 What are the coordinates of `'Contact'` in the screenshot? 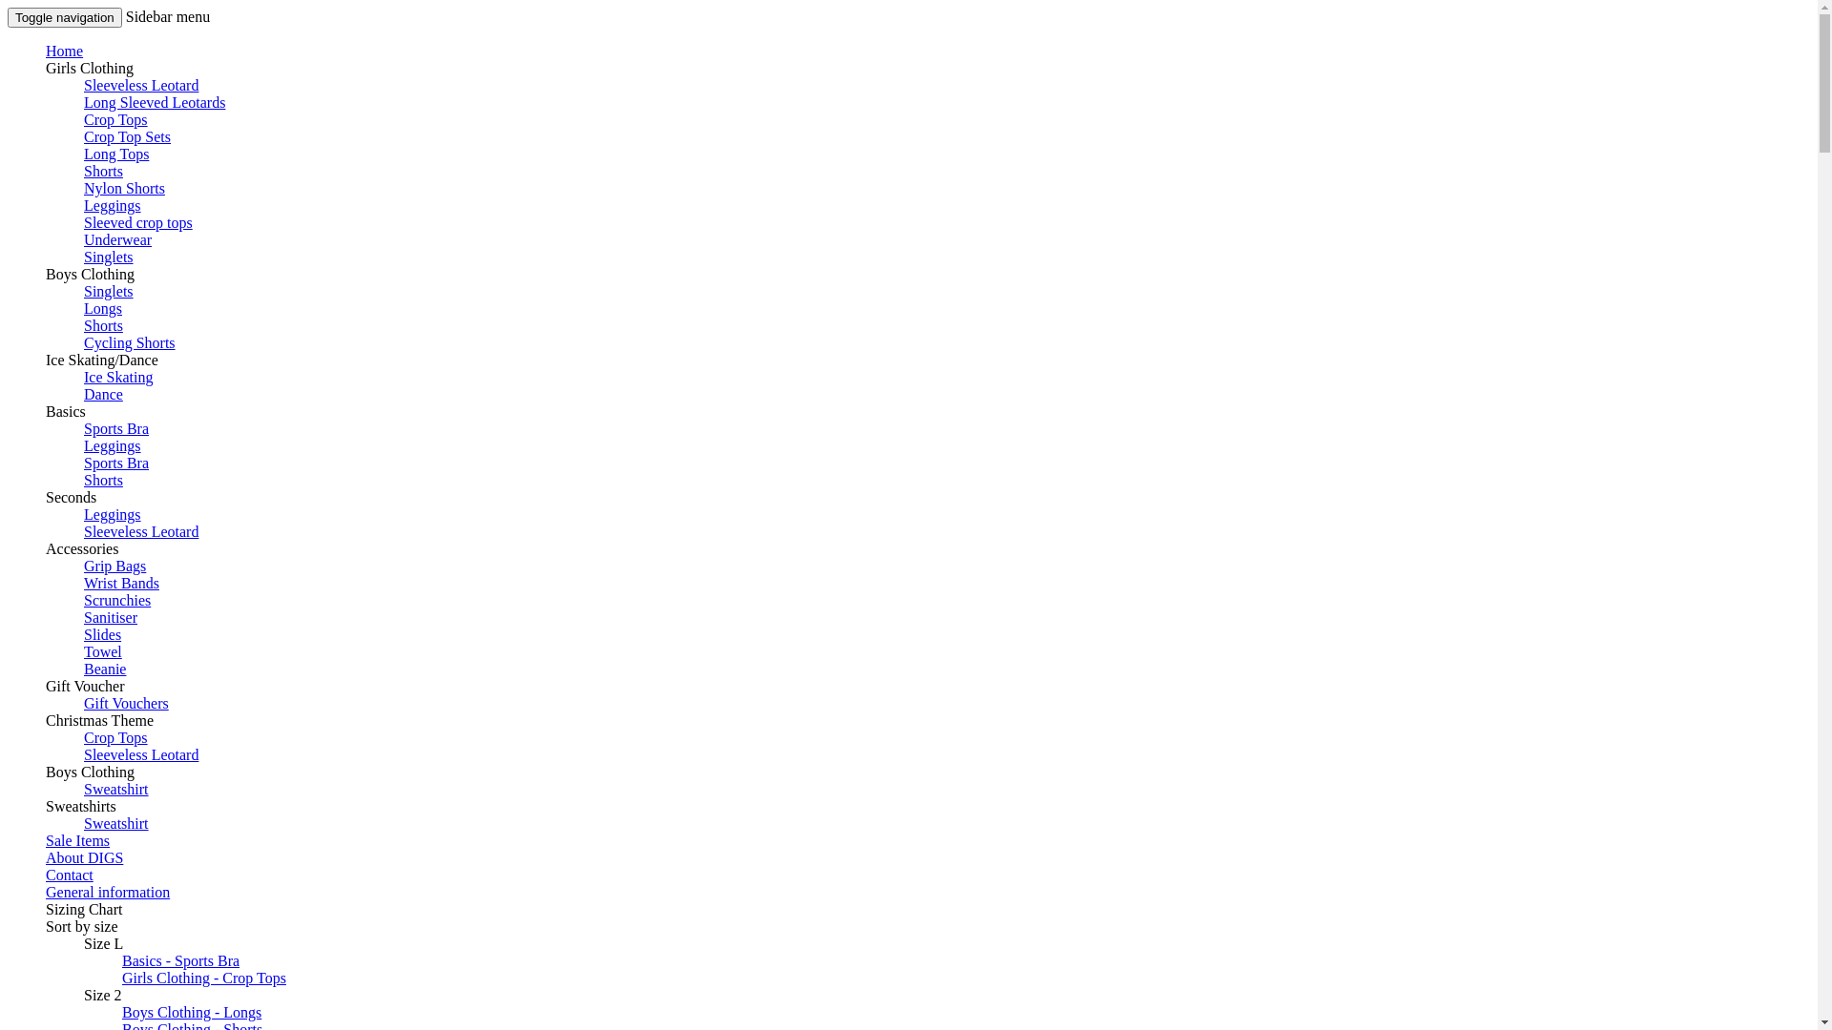 It's located at (69, 875).